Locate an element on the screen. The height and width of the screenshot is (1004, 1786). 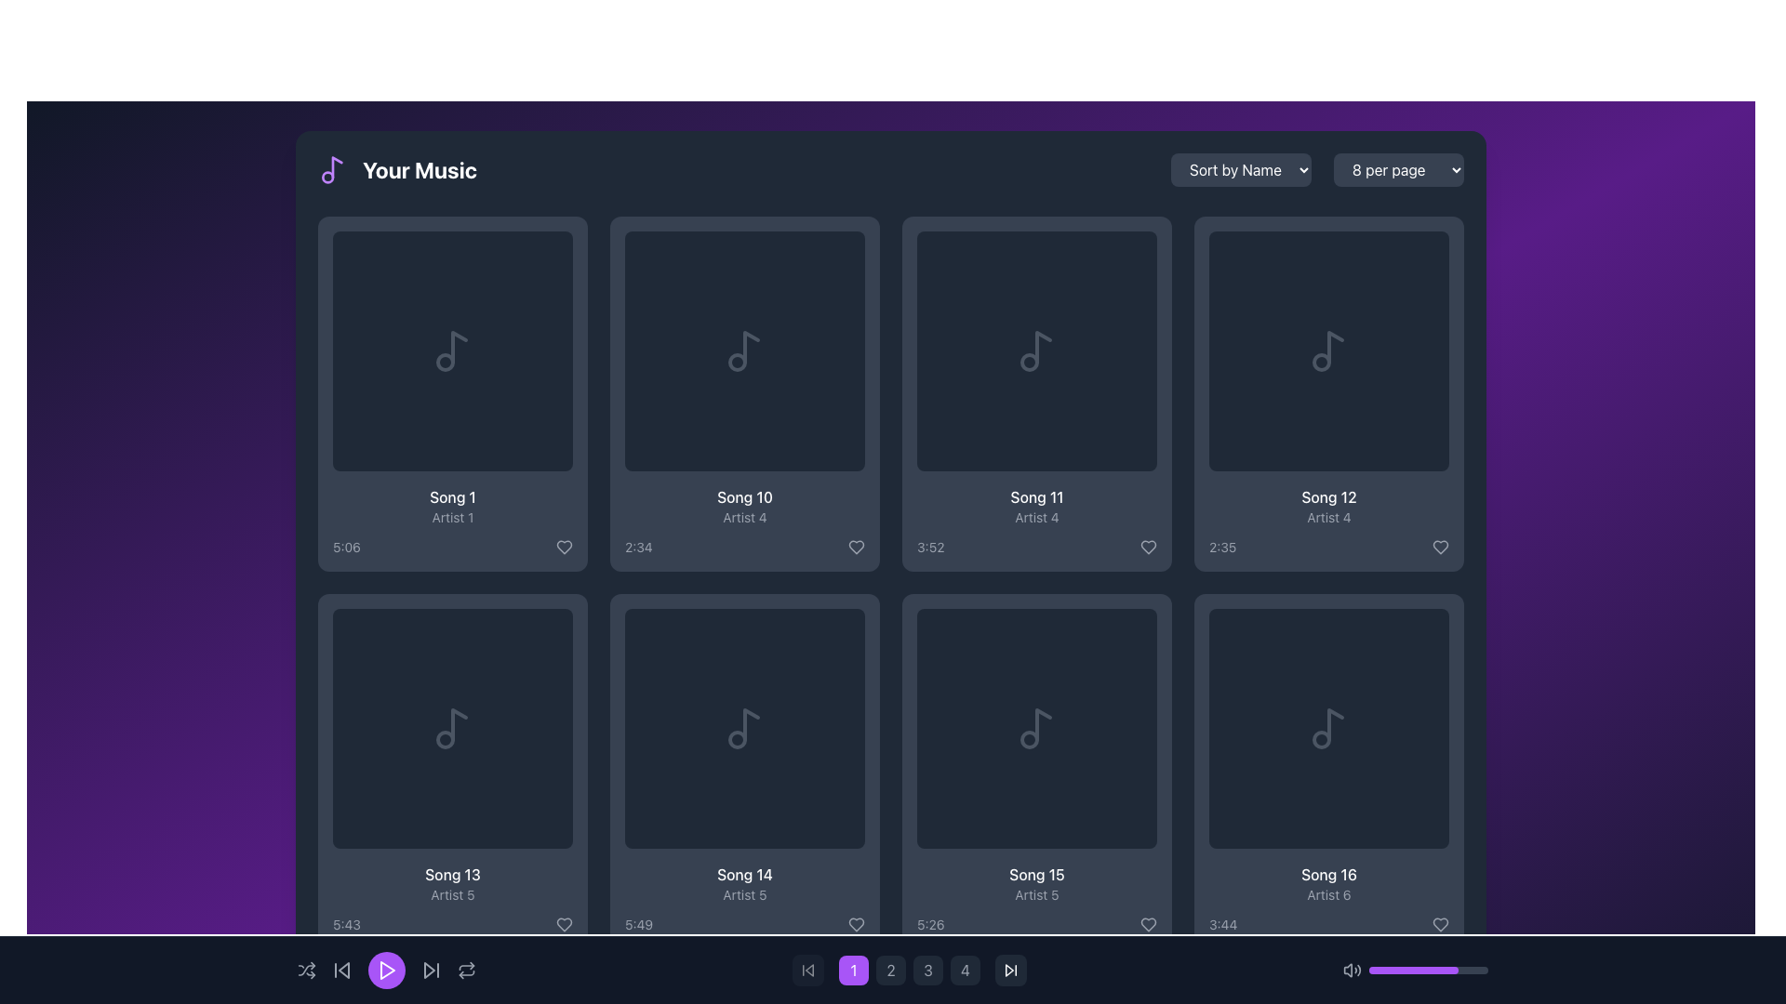
the triangular play icon representing the play button for 'Song 13' by 'Artist 5' is located at coordinates (454, 727).